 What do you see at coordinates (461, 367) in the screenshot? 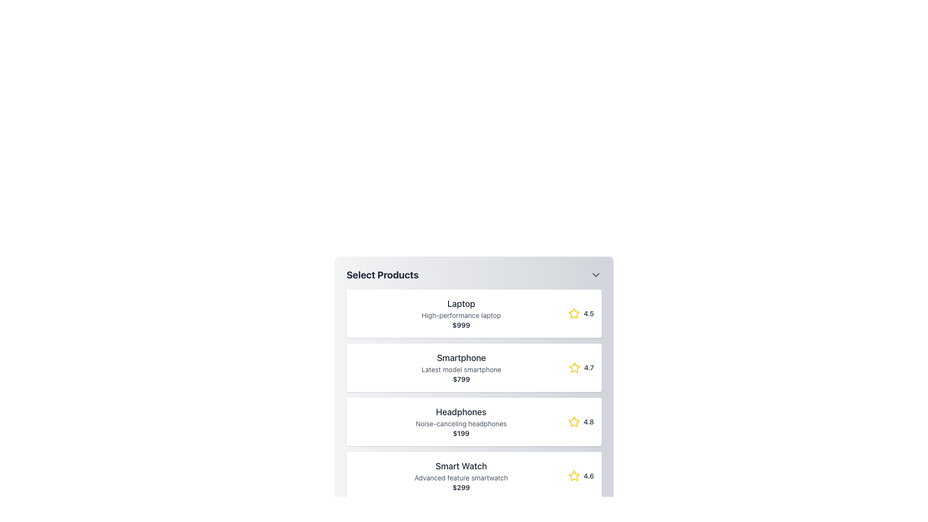
I see `the 'Smartphone' text display` at bounding box center [461, 367].